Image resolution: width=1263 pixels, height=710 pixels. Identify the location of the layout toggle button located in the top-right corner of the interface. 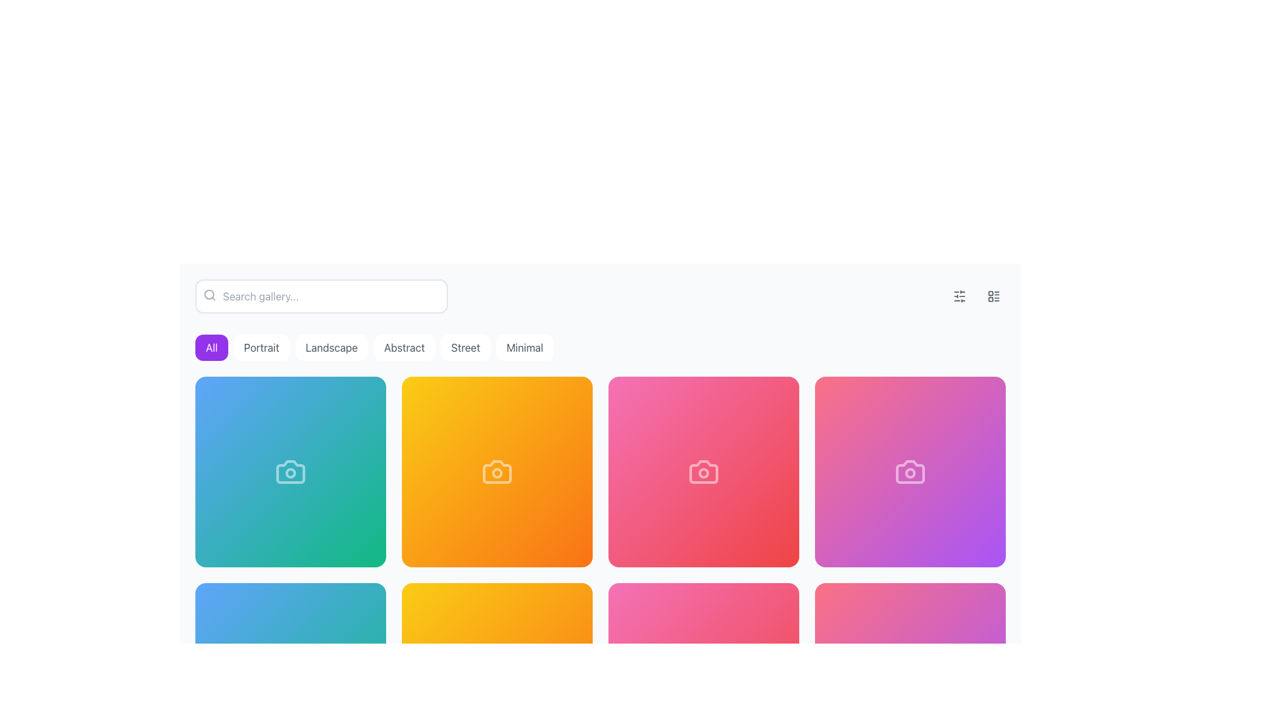
(994, 296).